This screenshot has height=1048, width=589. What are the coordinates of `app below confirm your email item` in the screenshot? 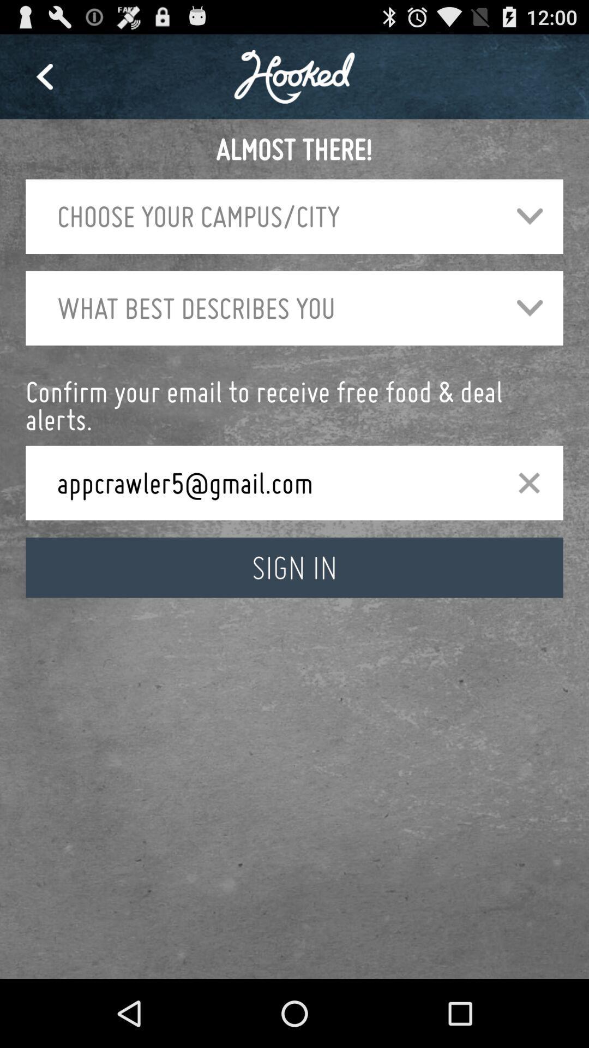 It's located at (528, 482).